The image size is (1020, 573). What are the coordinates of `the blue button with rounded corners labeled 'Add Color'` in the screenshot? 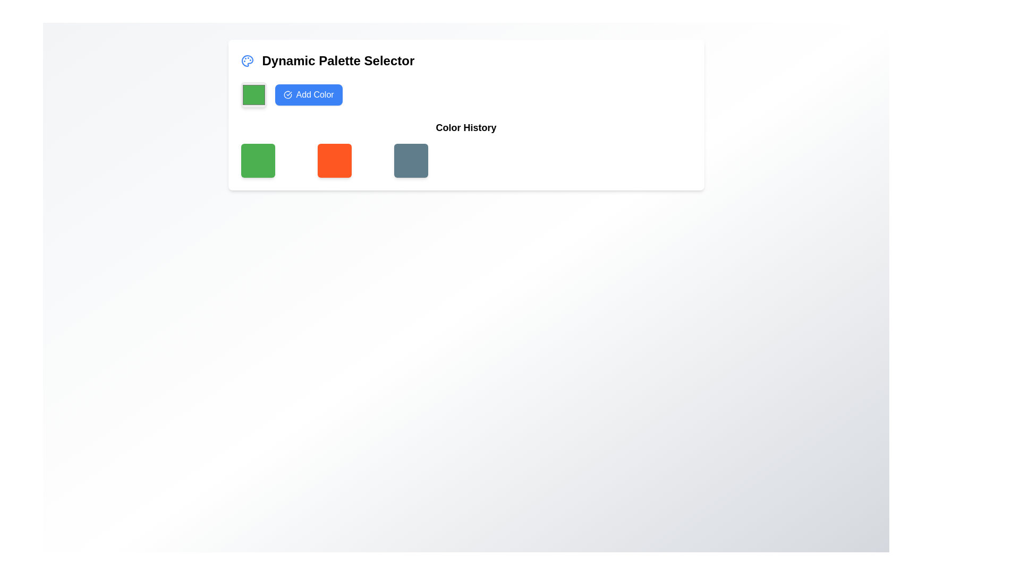 It's located at (308, 94).